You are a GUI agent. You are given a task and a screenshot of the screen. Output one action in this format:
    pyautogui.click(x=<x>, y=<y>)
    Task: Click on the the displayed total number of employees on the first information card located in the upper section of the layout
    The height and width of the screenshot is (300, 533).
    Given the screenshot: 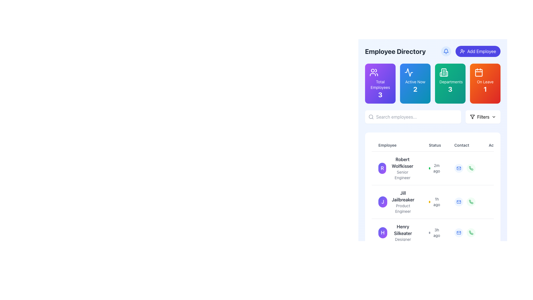 What is the action you would take?
    pyautogui.click(x=380, y=83)
    